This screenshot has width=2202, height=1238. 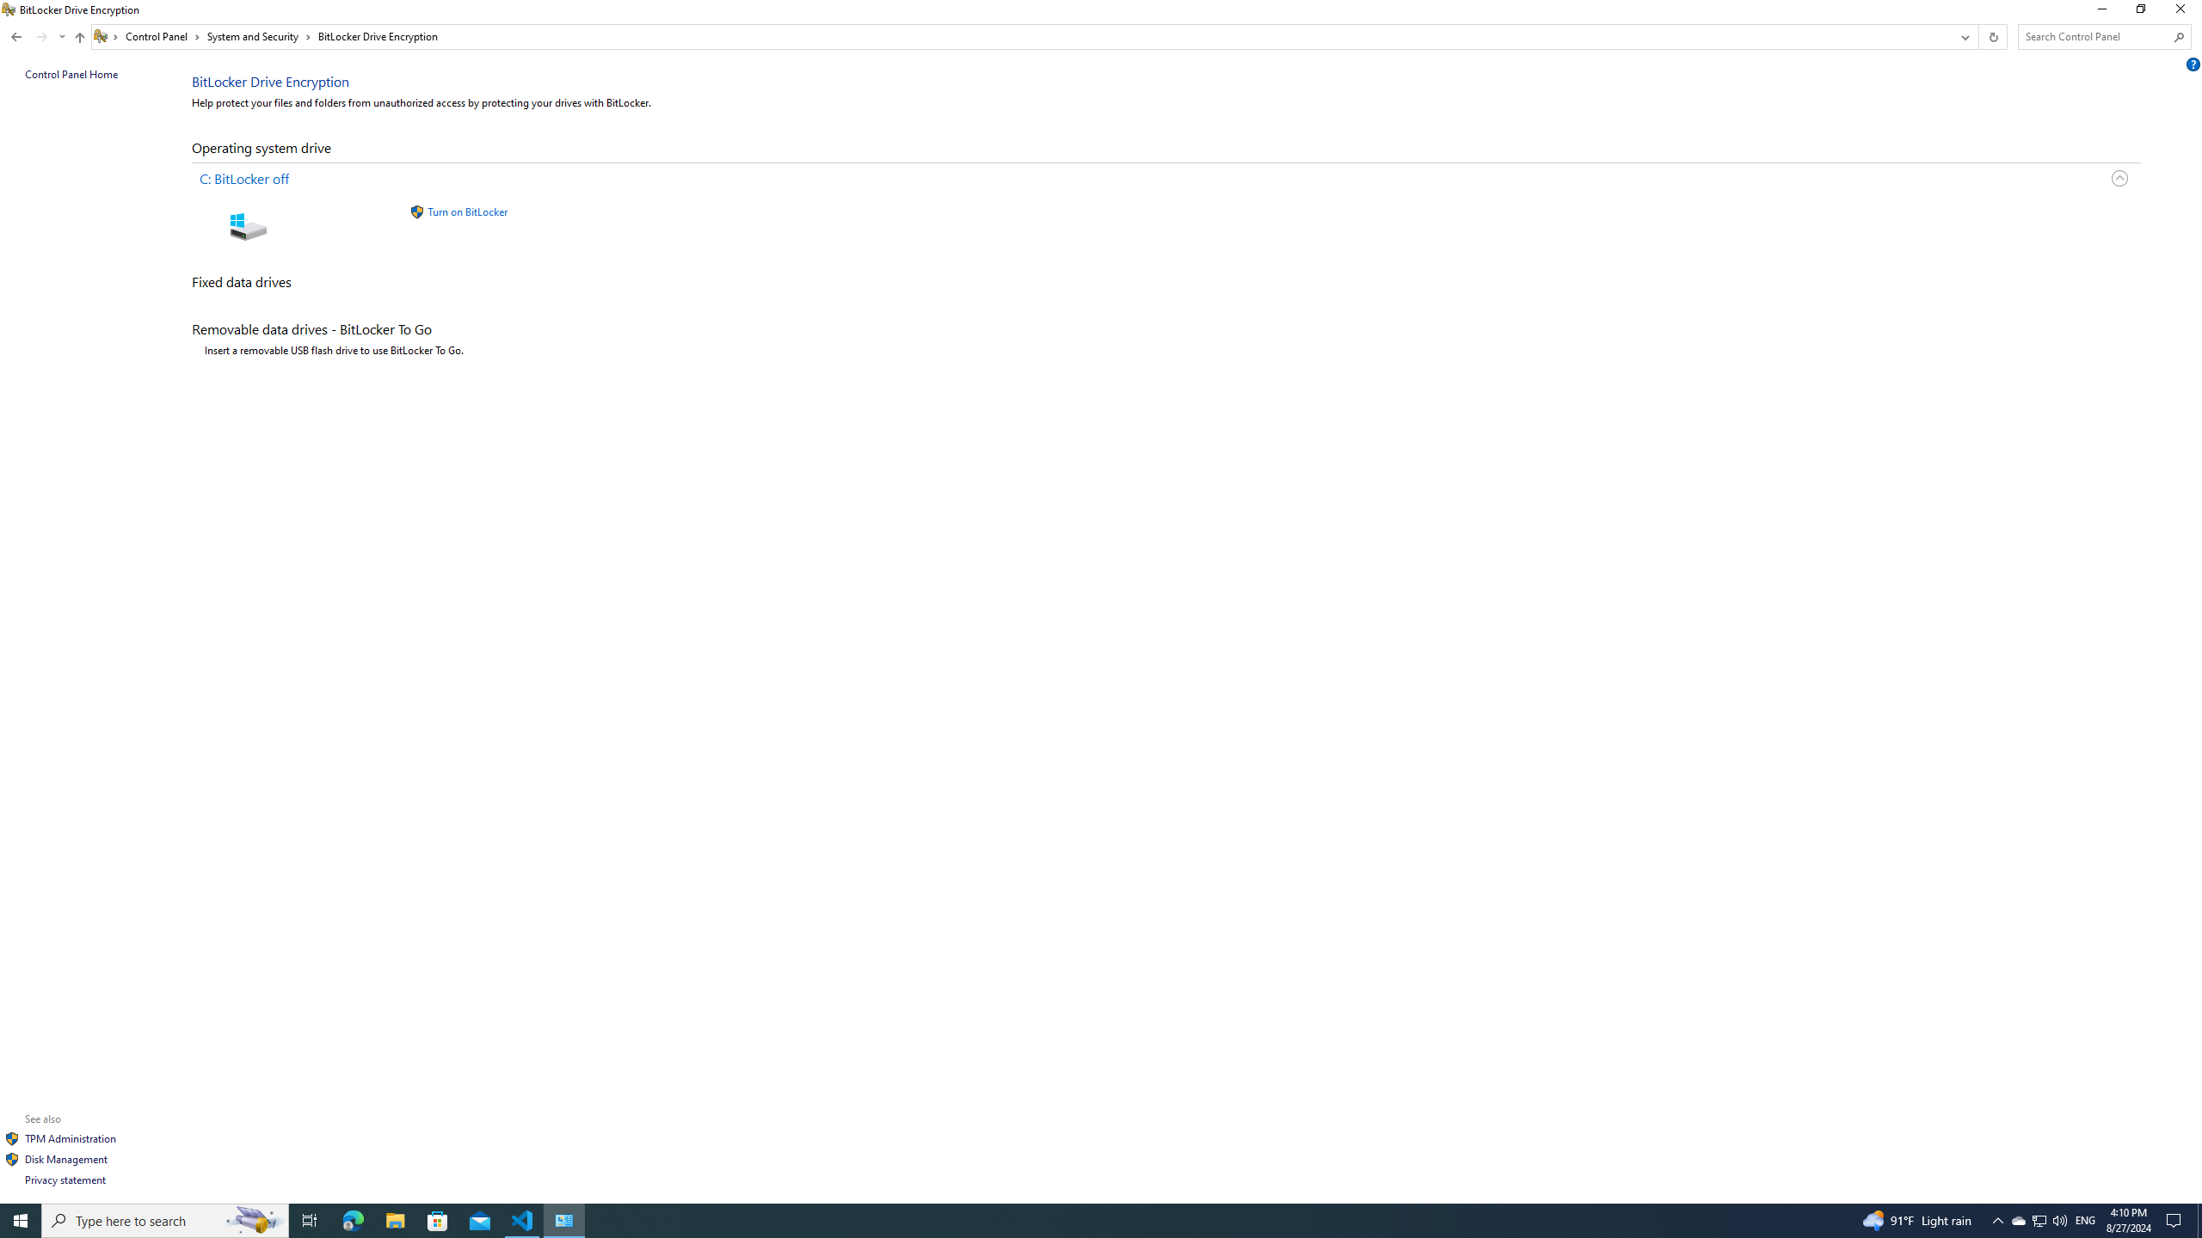 What do you see at coordinates (41, 36) in the screenshot?
I see `'Forward (Alt + Right Arrow)'` at bounding box center [41, 36].